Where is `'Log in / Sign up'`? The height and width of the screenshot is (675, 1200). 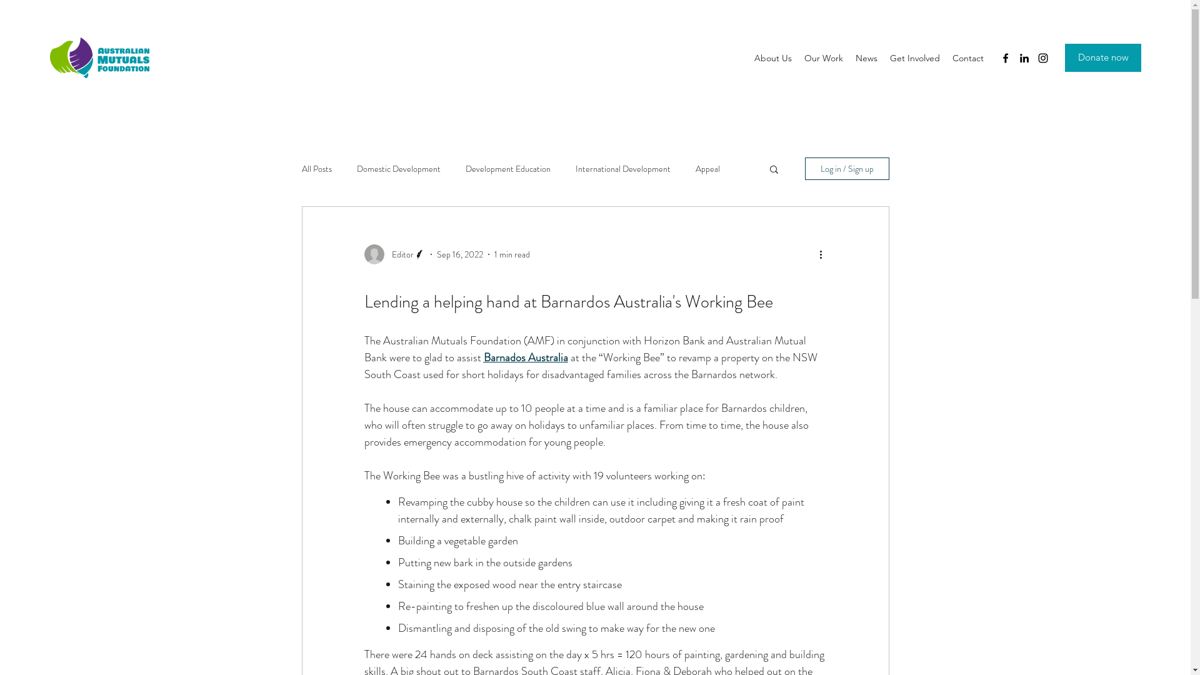 'Log in / Sign up' is located at coordinates (847, 169).